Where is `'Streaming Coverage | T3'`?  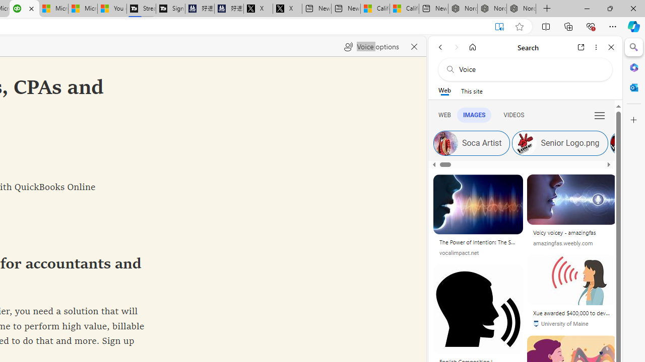 'Streaming Coverage | T3' is located at coordinates (141, 9).